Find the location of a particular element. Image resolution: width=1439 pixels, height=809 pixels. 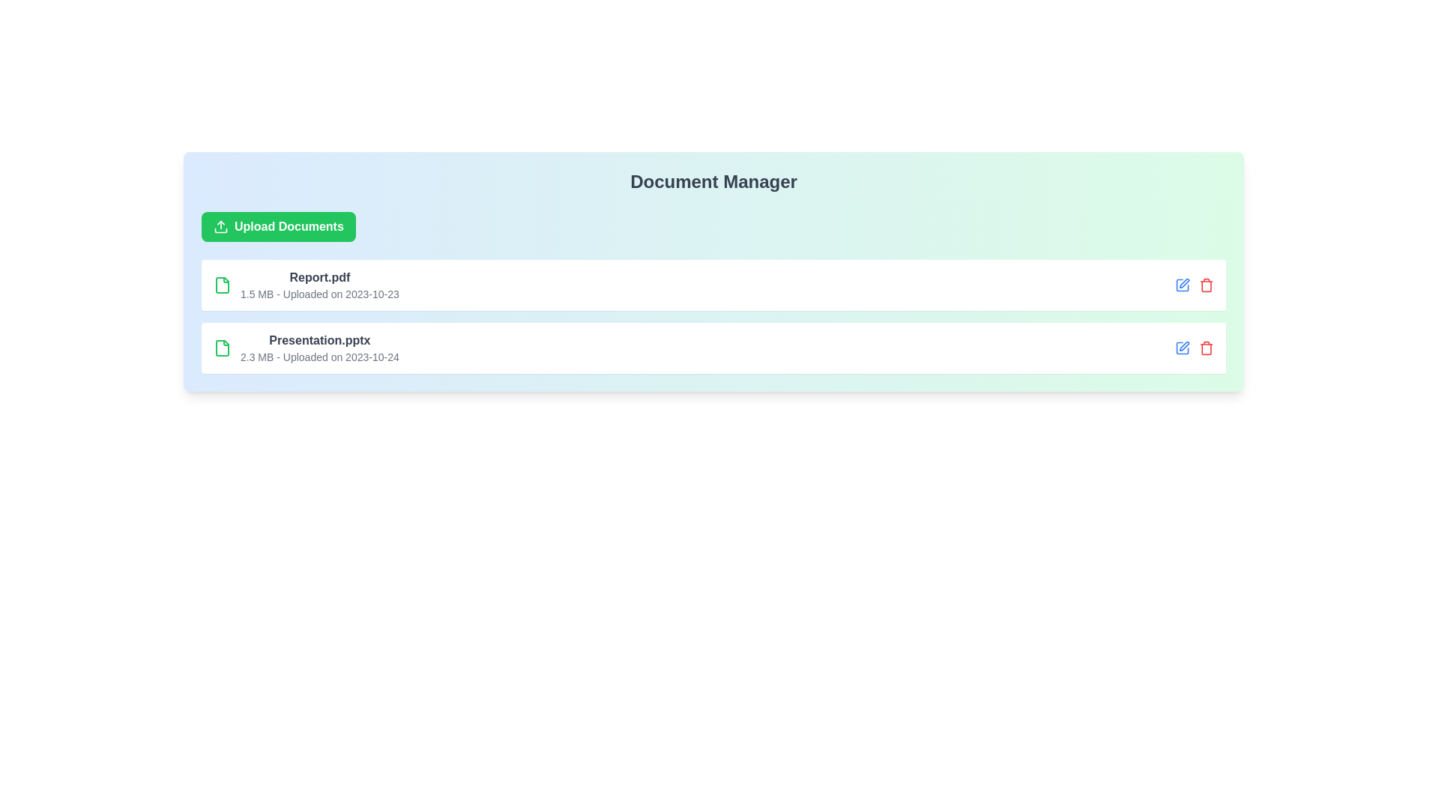

the second file representation component is located at coordinates (305, 348).